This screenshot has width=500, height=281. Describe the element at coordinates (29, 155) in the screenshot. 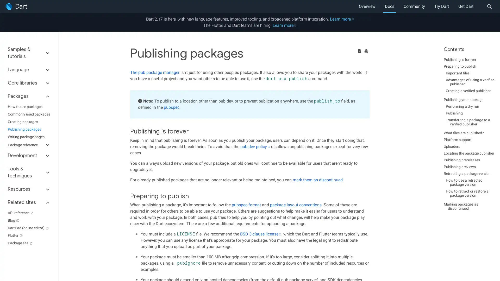

I see `Development keyboard_arrow_down` at that location.